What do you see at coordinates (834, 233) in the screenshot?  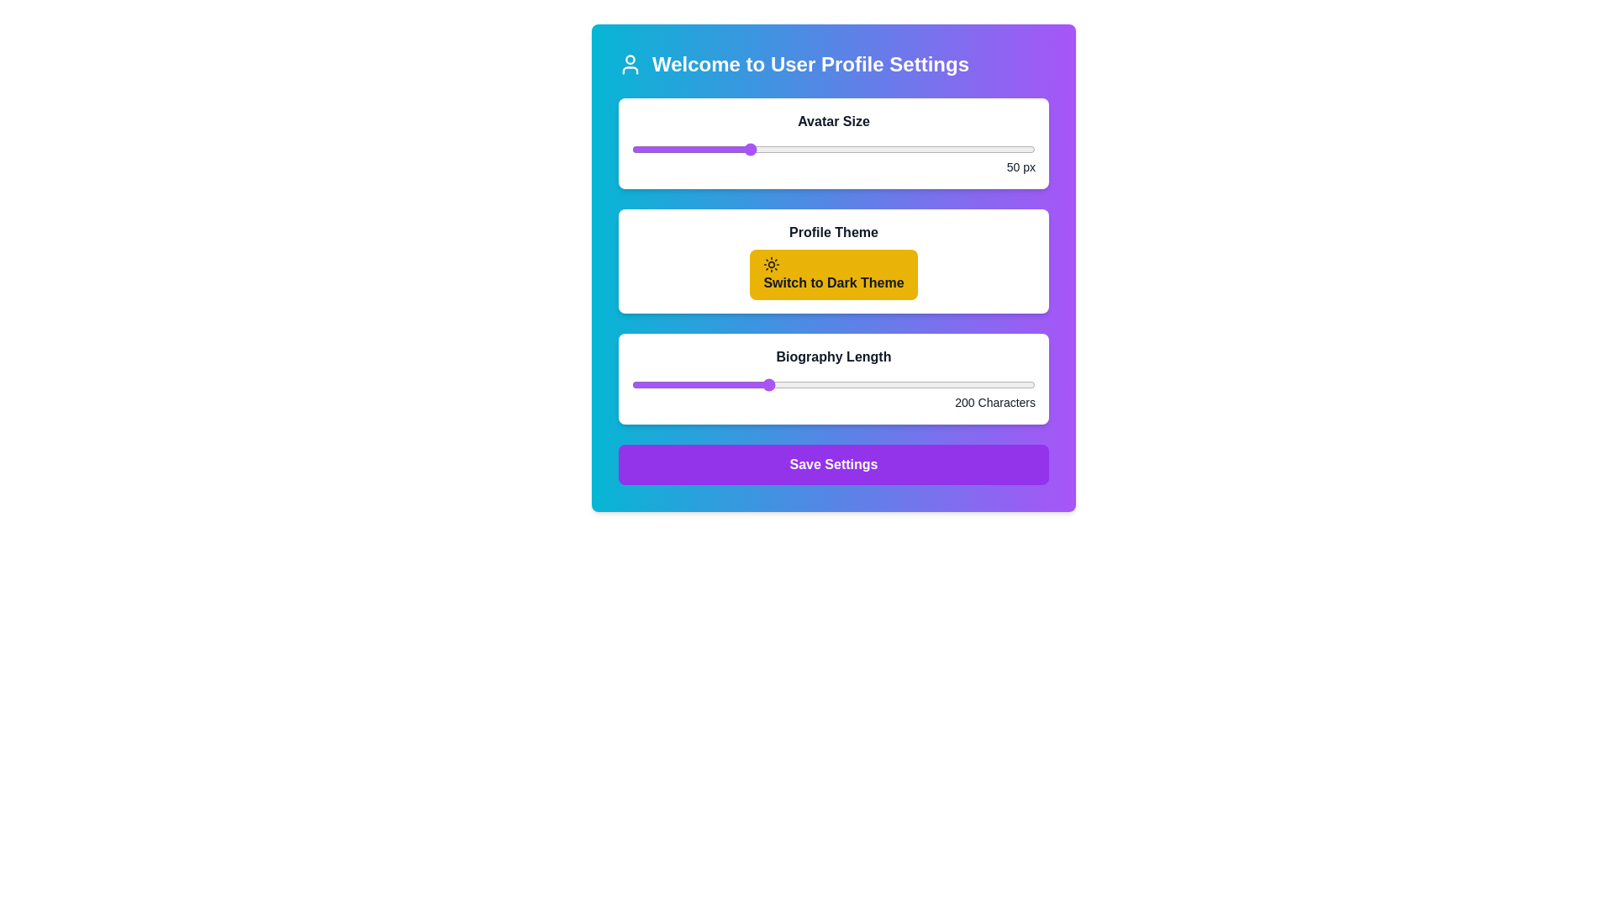 I see `the static text label that reads 'Profile Theme', which is bold and semibold, located in the upper part of a white rectangular box` at bounding box center [834, 233].